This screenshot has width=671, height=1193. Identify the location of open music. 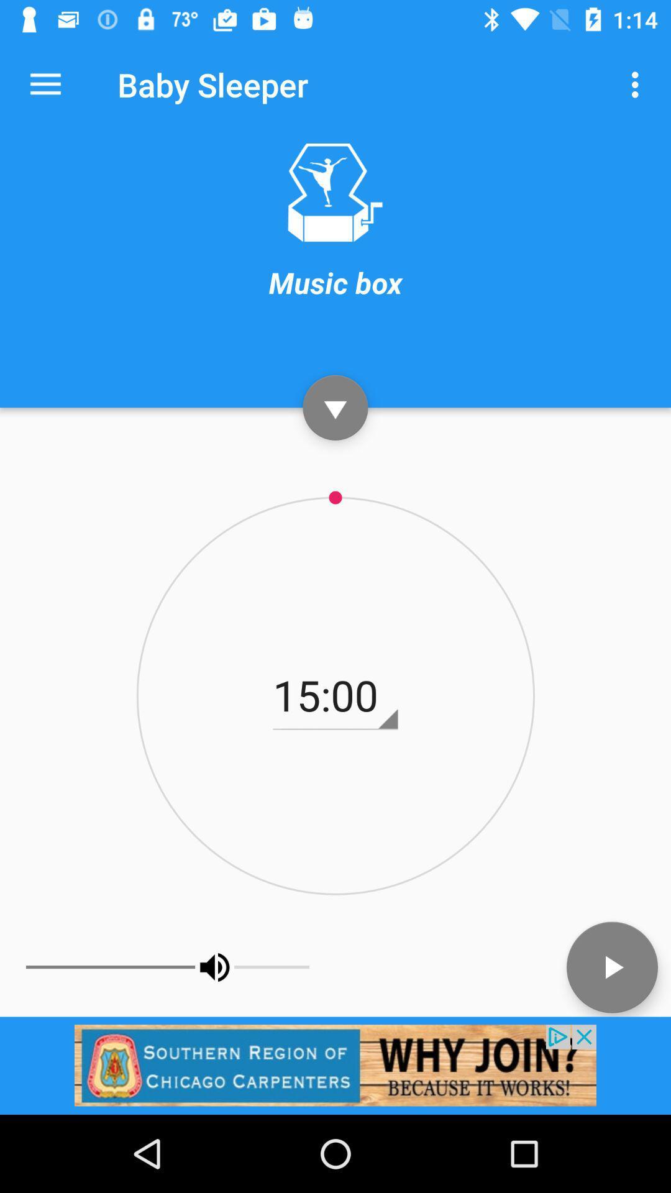
(334, 192).